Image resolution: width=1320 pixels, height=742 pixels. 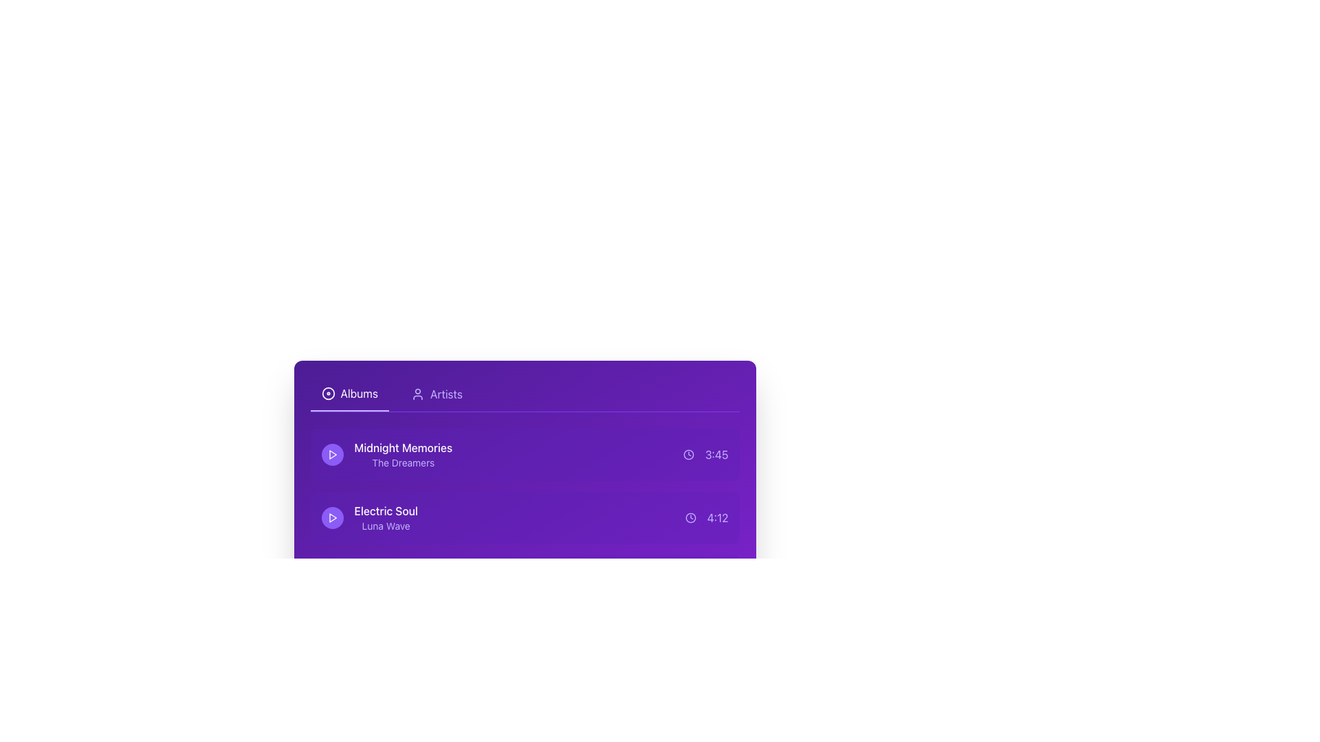 What do you see at coordinates (385, 511) in the screenshot?
I see `the text label displaying the title of an item, which is the first line of text in the list under the 'Albums' heading, before 'Luna Wave'` at bounding box center [385, 511].